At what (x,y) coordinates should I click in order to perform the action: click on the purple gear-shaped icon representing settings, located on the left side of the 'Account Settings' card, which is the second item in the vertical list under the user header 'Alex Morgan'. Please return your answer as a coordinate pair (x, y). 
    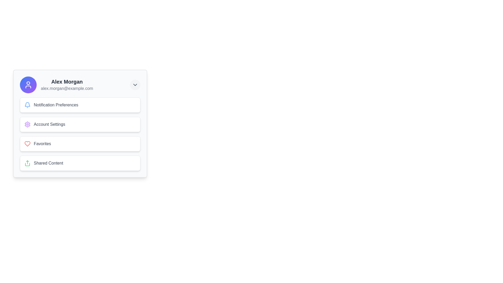
    Looking at the image, I should click on (27, 124).